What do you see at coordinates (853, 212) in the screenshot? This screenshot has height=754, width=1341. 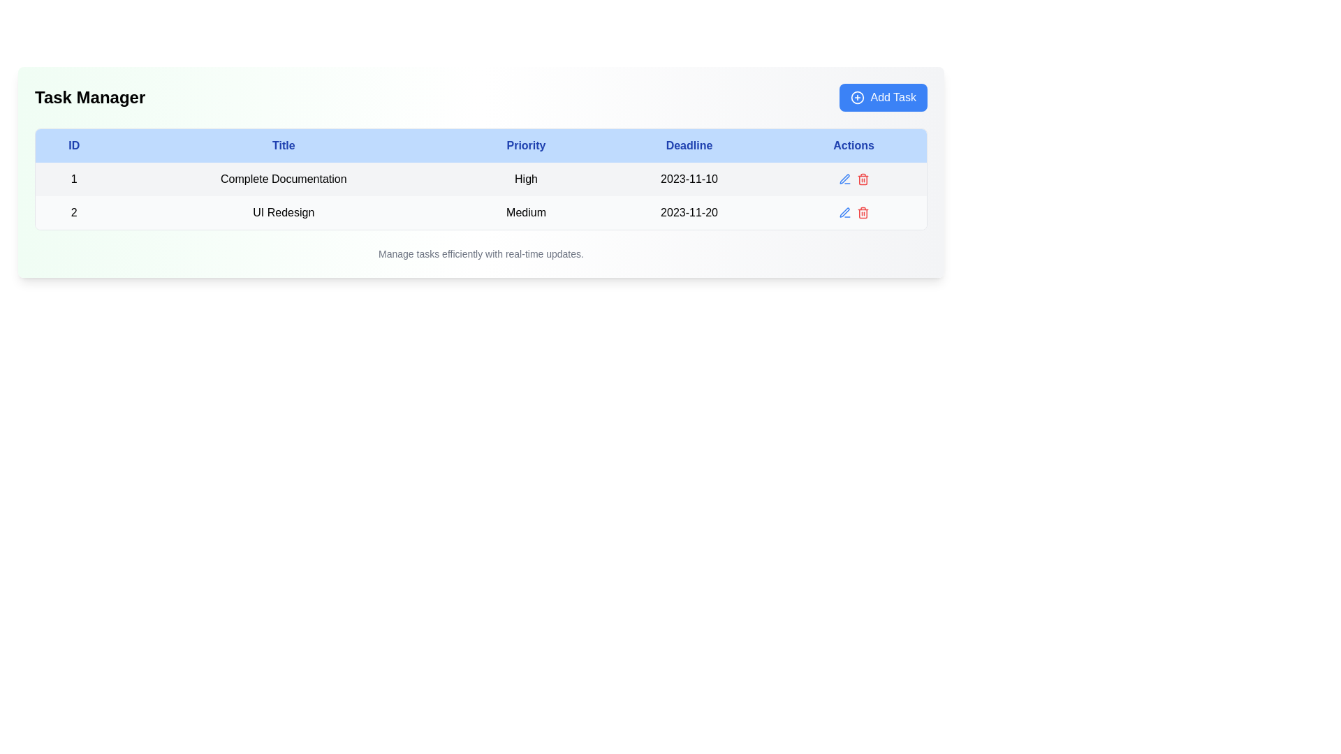 I see `the delete icon in the action menu of the second row of the task table` at bounding box center [853, 212].